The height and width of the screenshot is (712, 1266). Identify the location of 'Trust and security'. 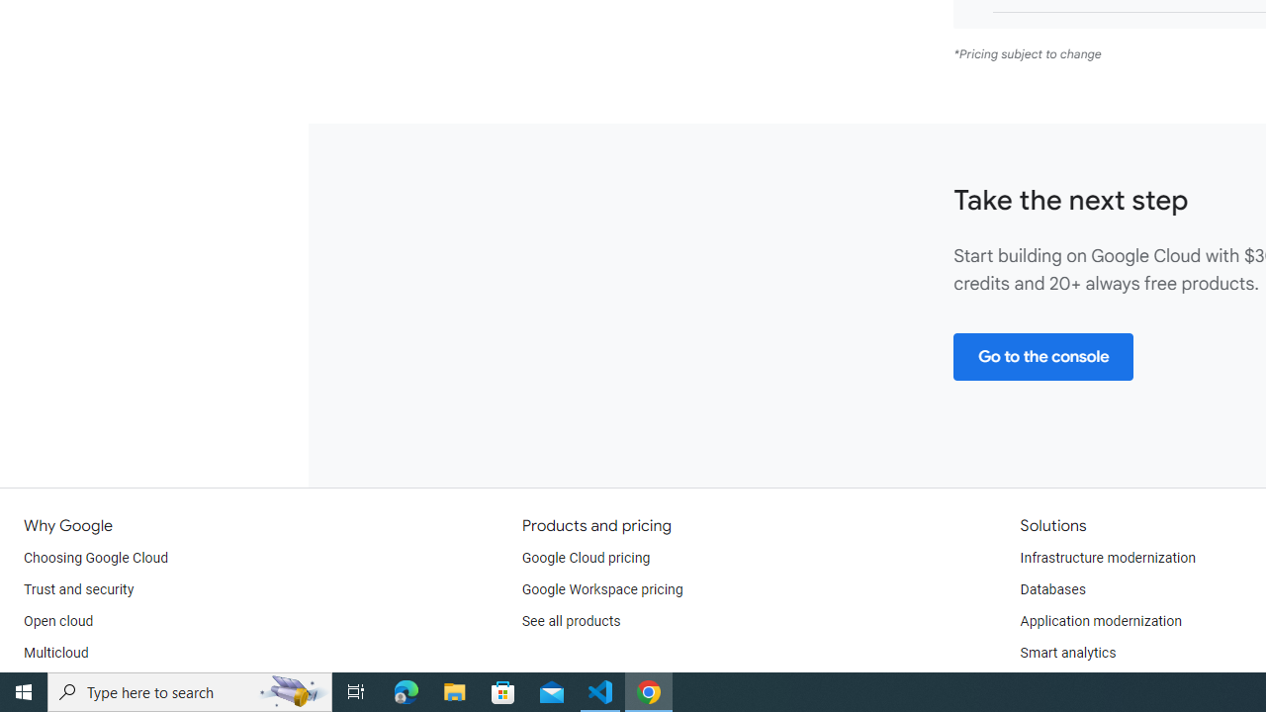
(79, 588).